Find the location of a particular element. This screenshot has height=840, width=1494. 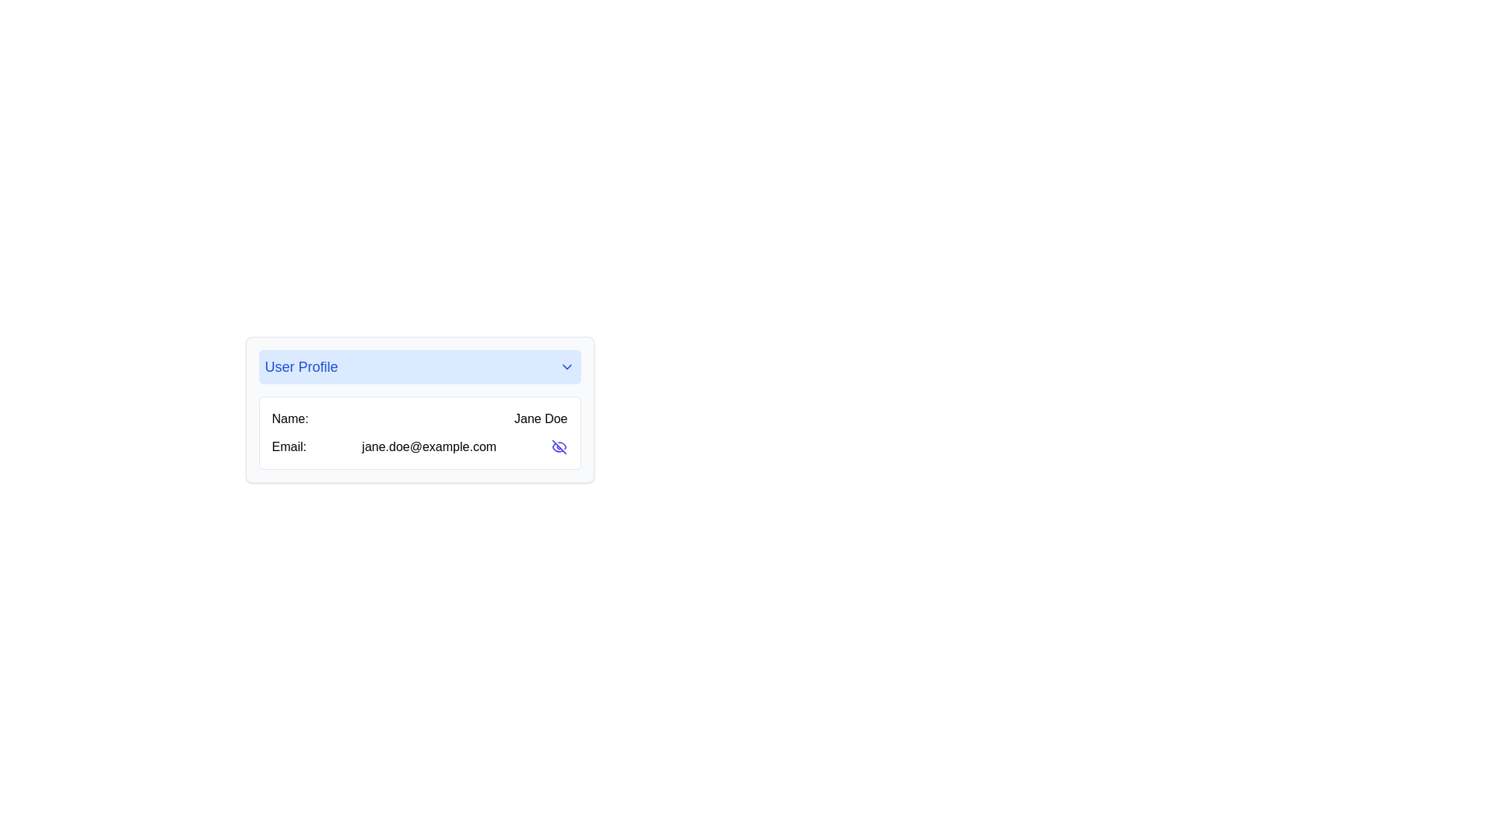

the text label displaying 'Jane Doe', which is aligned horizontally with 'Name:' within the user profile section is located at coordinates (541, 418).